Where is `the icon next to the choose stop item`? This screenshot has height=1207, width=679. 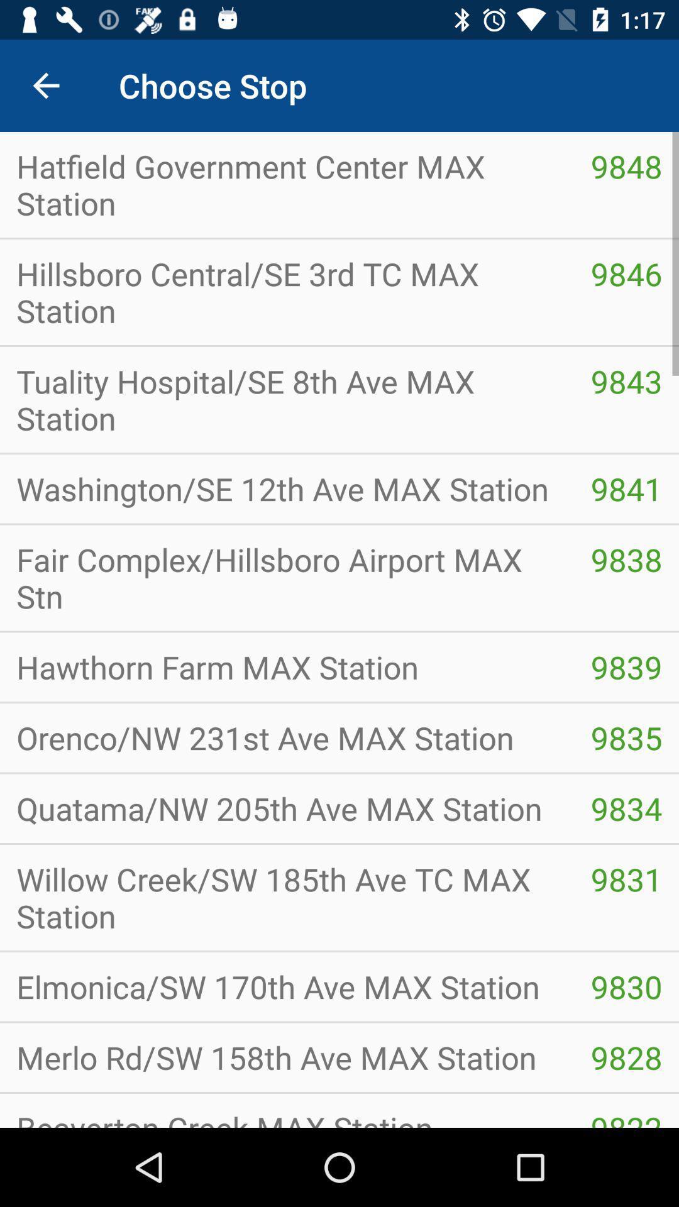 the icon next to the choose stop item is located at coordinates (45, 85).